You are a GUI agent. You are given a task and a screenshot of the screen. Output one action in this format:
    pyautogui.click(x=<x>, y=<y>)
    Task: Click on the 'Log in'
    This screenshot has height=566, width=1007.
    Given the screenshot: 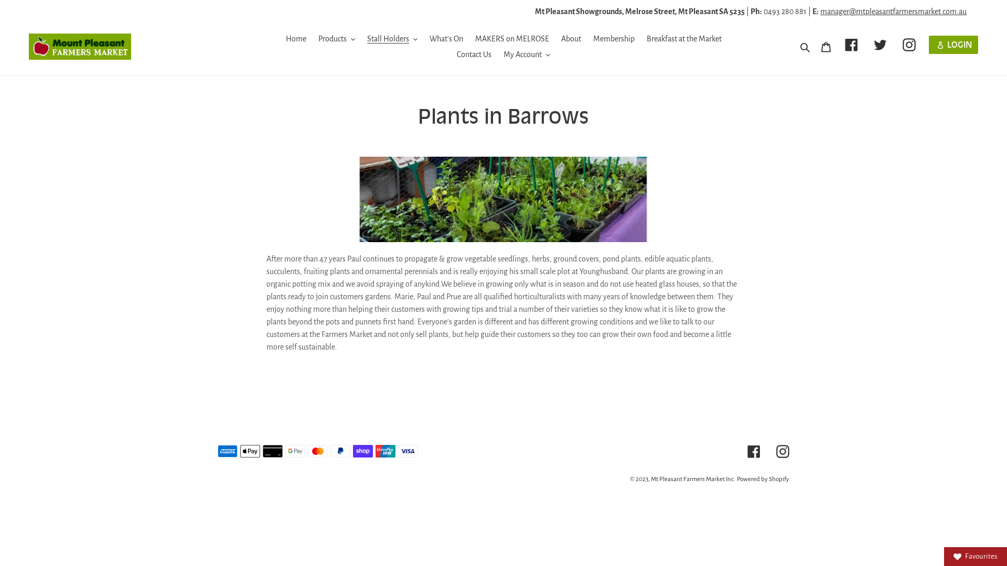 What is the action you would take?
    pyautogui.click(x=954, y=44)
    